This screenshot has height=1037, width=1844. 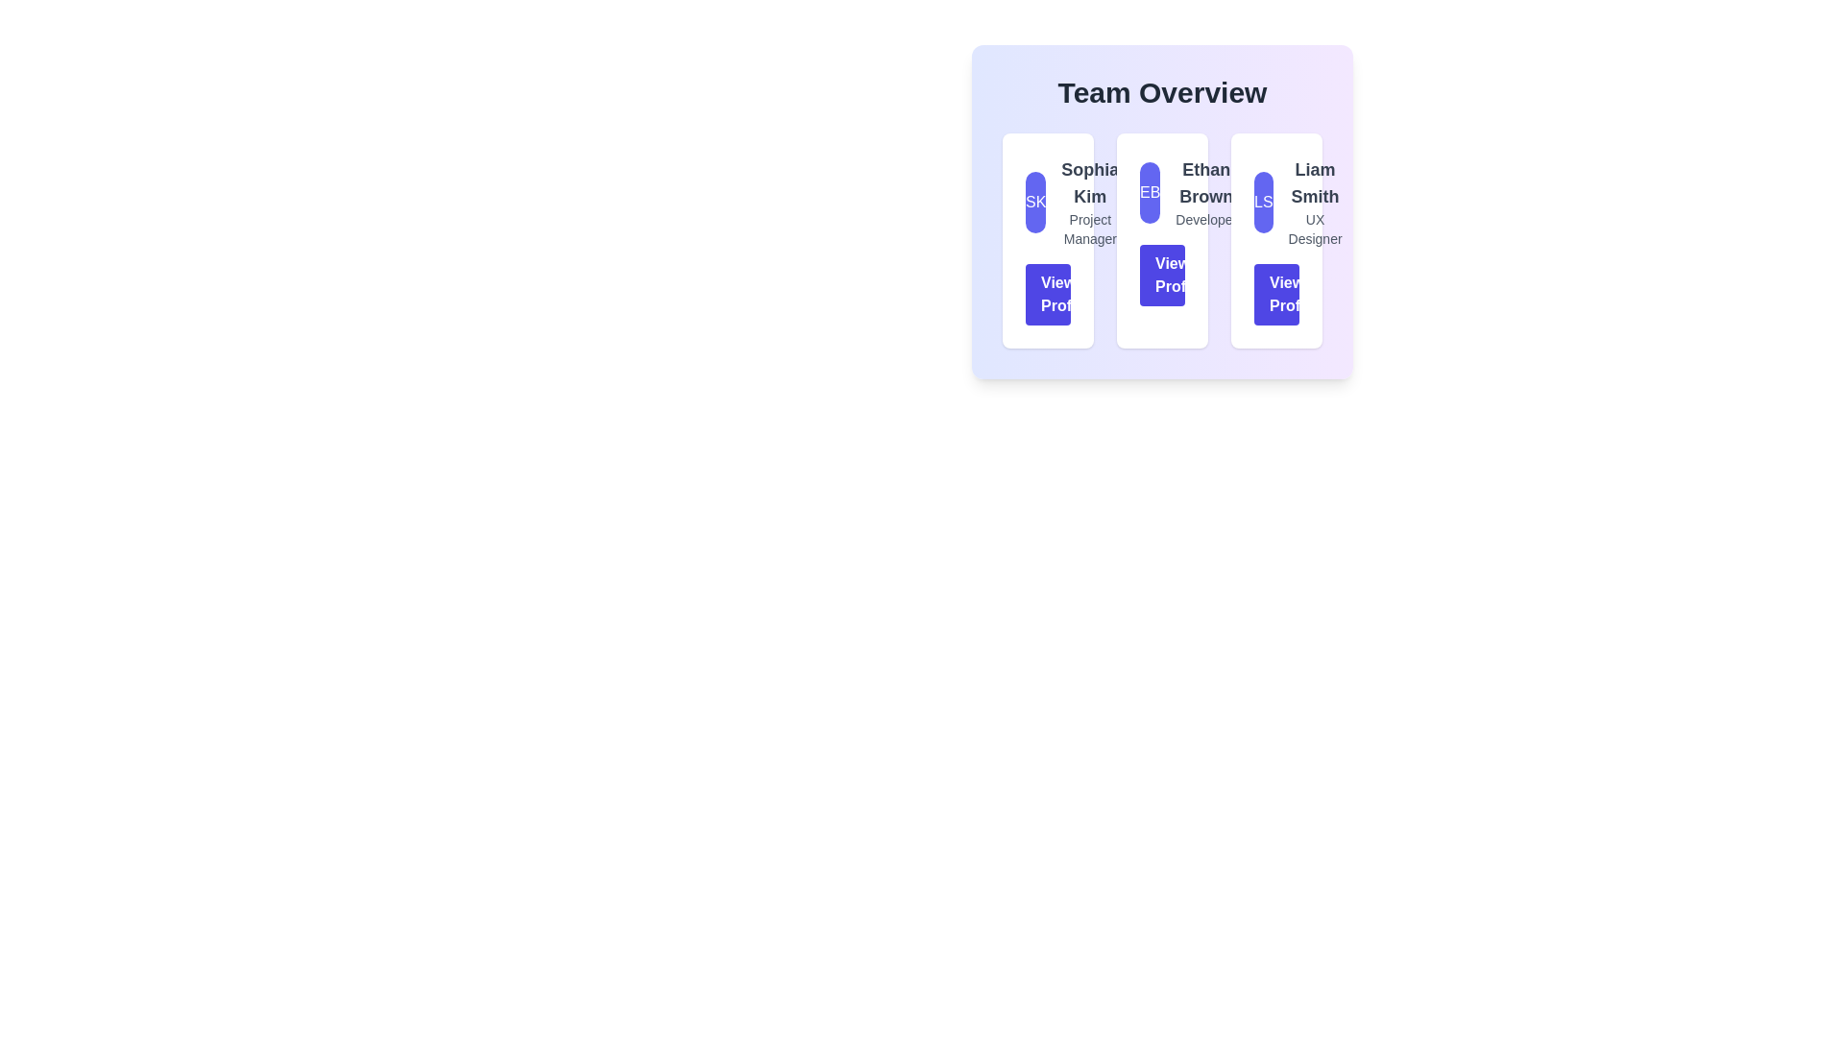 I want to click on the 'View Profile' button, which is an indigo blue rectangular button with rounded corners, so click(x=1161, y=275).